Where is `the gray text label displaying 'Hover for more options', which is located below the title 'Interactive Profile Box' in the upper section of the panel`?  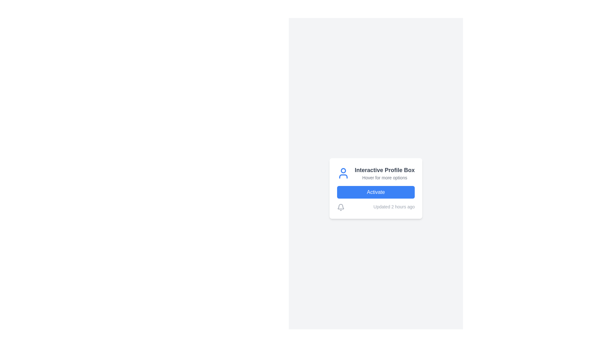 the gray text label displaying 'Hover for more options', which is located below the title 'Interactive Profile Box' in the upper section of the panel is located at coordinates (384, 178).